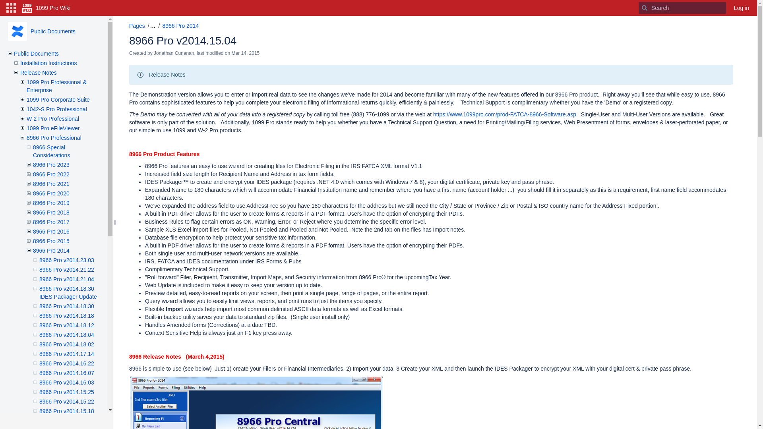 The width and height of the screenshot is (763, 429). I want to click on '8966 Pro v2014.15.25', so click(67, 392).